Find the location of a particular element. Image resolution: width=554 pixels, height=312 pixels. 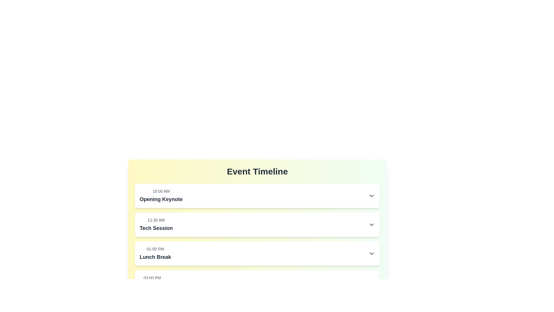

the 'Lunch Break' text label, which is styled in bold dark gray and positioned below the '01:00 PM' text in a vertical timeline layout is located at coordinates (155, 257).